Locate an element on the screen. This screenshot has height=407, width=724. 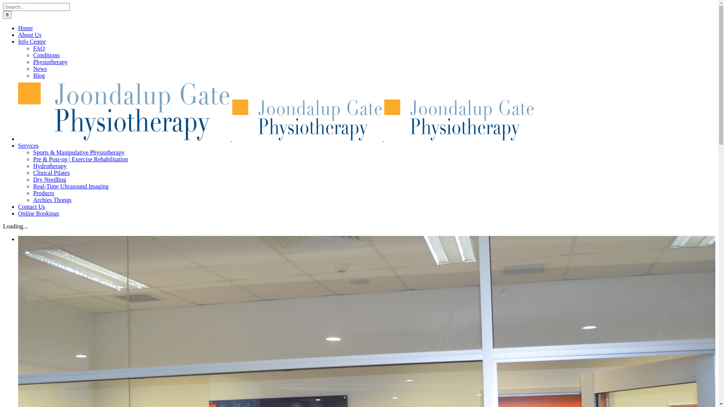
'Services' is located at coordinates (28, 145).